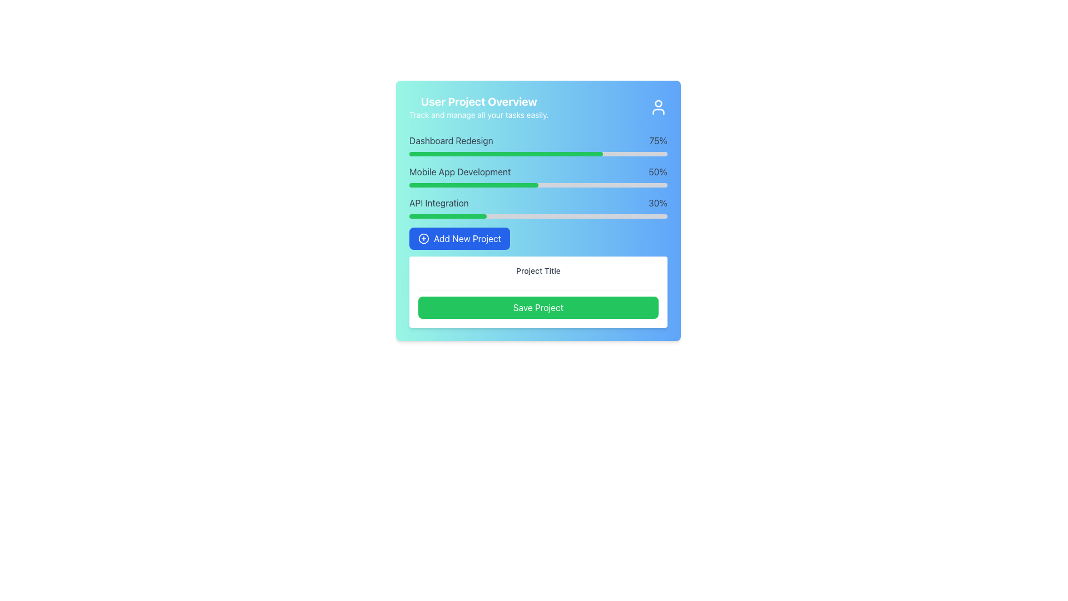  I want to click on the second progress bar indicating 50% completion of the 'Mobile App Development' task, located below the corresponding text, so click(538, 184).